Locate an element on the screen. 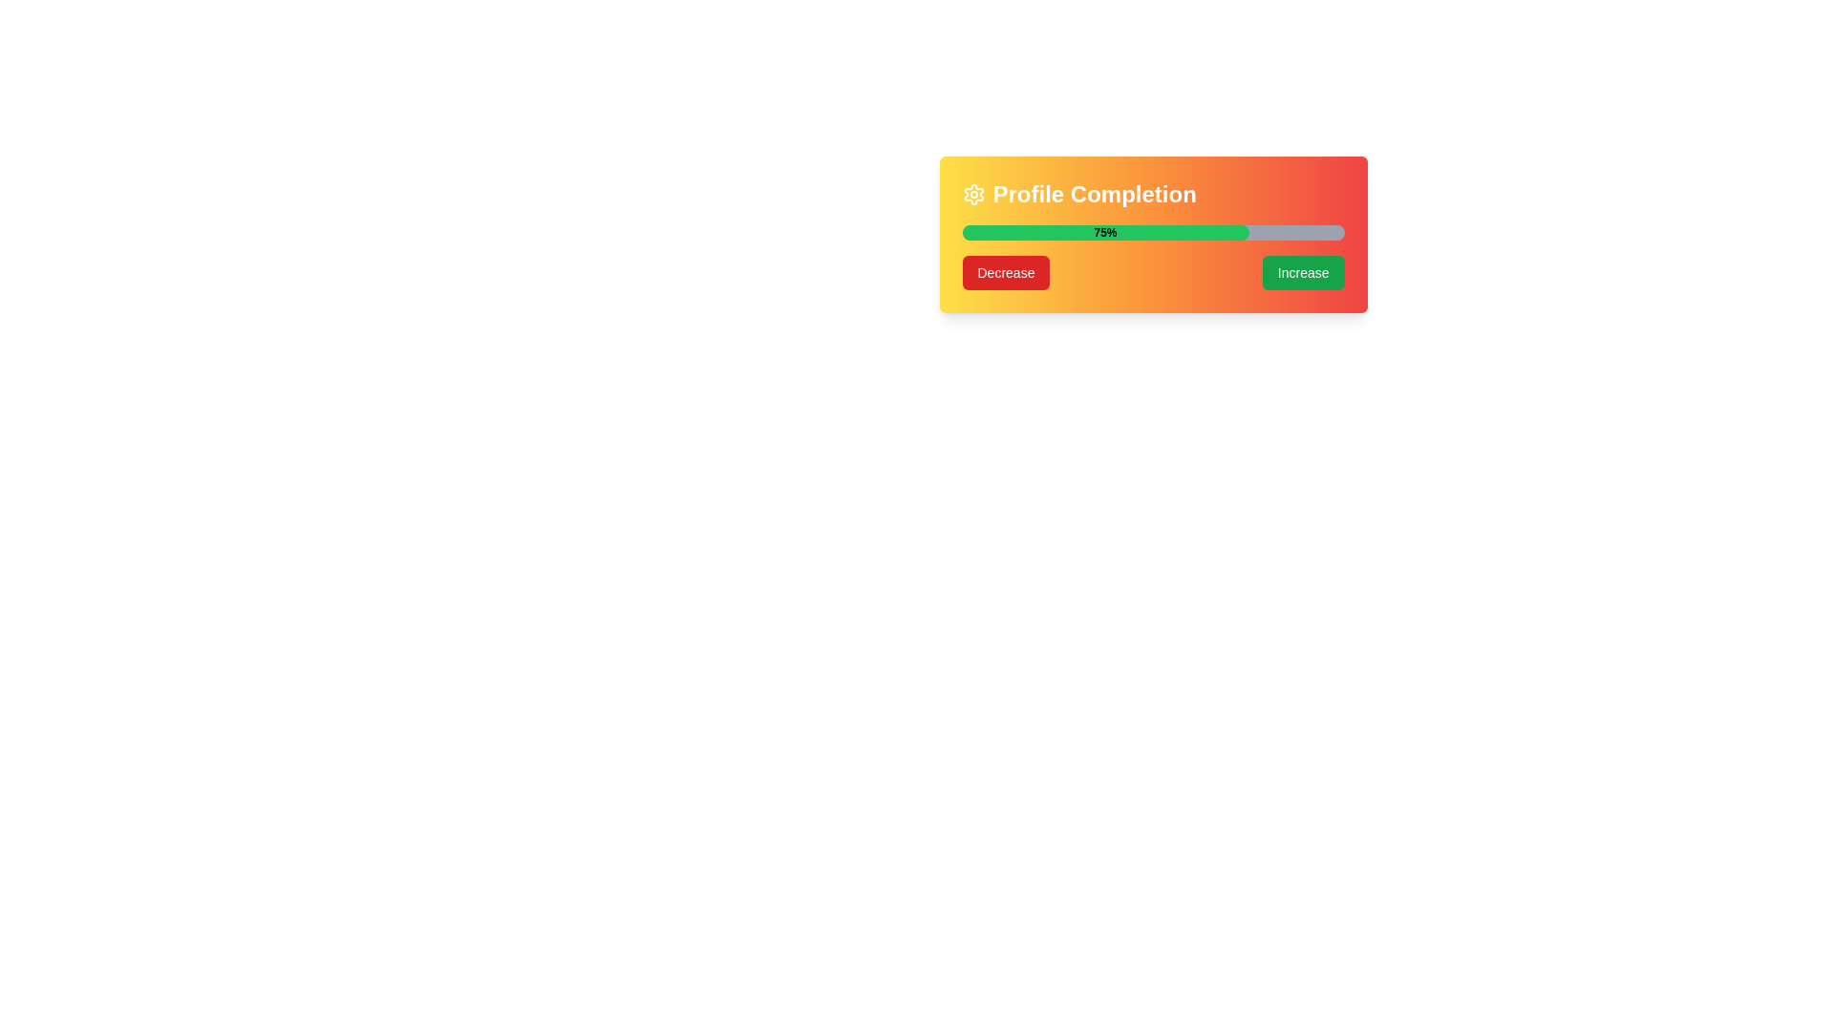  the gear-like icon representing settings, which is located on the left side of the header panel before the text 'Profile Completion' is located at coordinates (973, 195).